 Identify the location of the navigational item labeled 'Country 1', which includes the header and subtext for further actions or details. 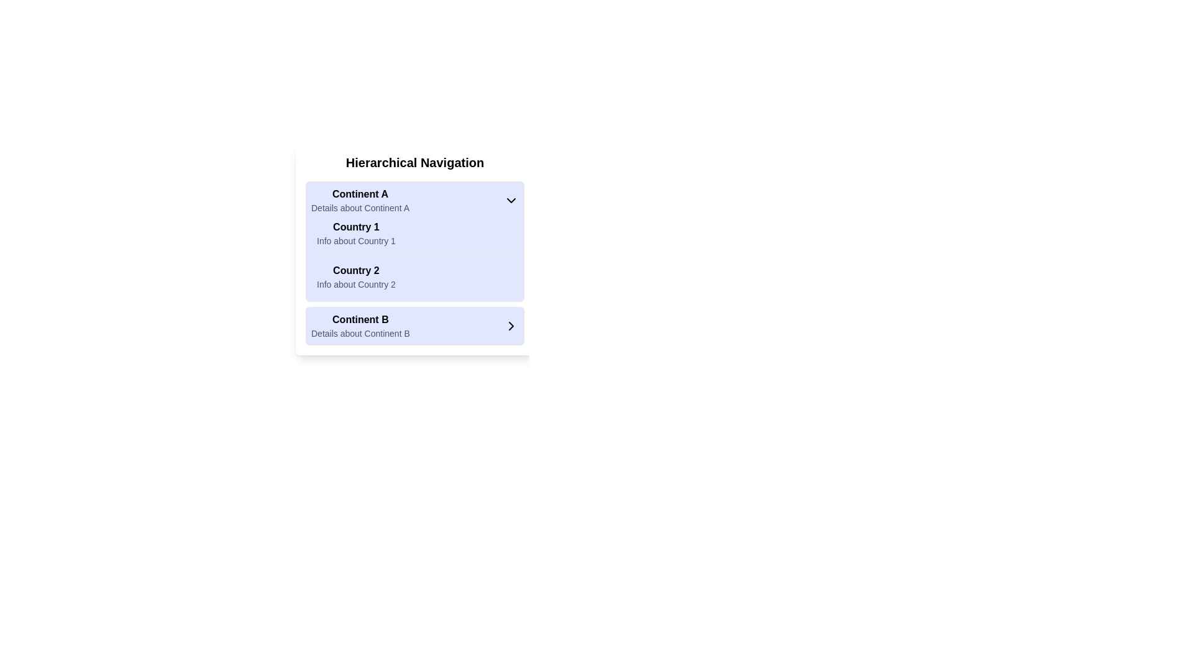
(355, 233).